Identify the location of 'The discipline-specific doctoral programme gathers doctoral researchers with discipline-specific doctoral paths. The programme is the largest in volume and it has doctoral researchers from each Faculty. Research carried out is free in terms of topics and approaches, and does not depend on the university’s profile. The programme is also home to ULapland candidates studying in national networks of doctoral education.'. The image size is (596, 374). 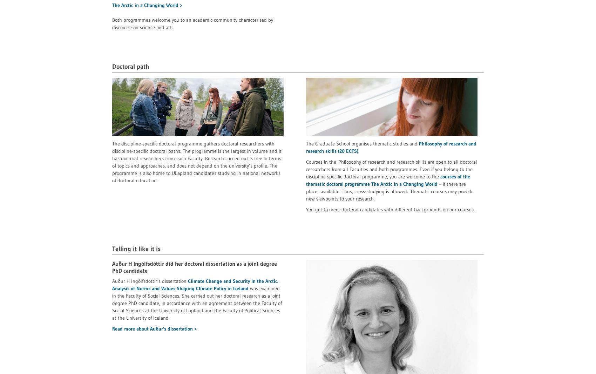
(196, 161).